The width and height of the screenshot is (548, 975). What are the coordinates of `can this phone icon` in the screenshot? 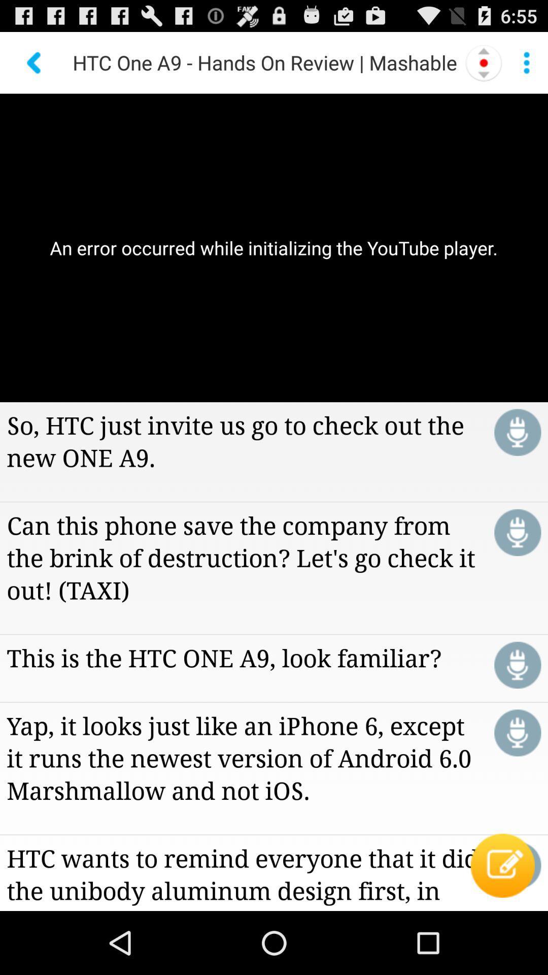 It's located at (244, 557).